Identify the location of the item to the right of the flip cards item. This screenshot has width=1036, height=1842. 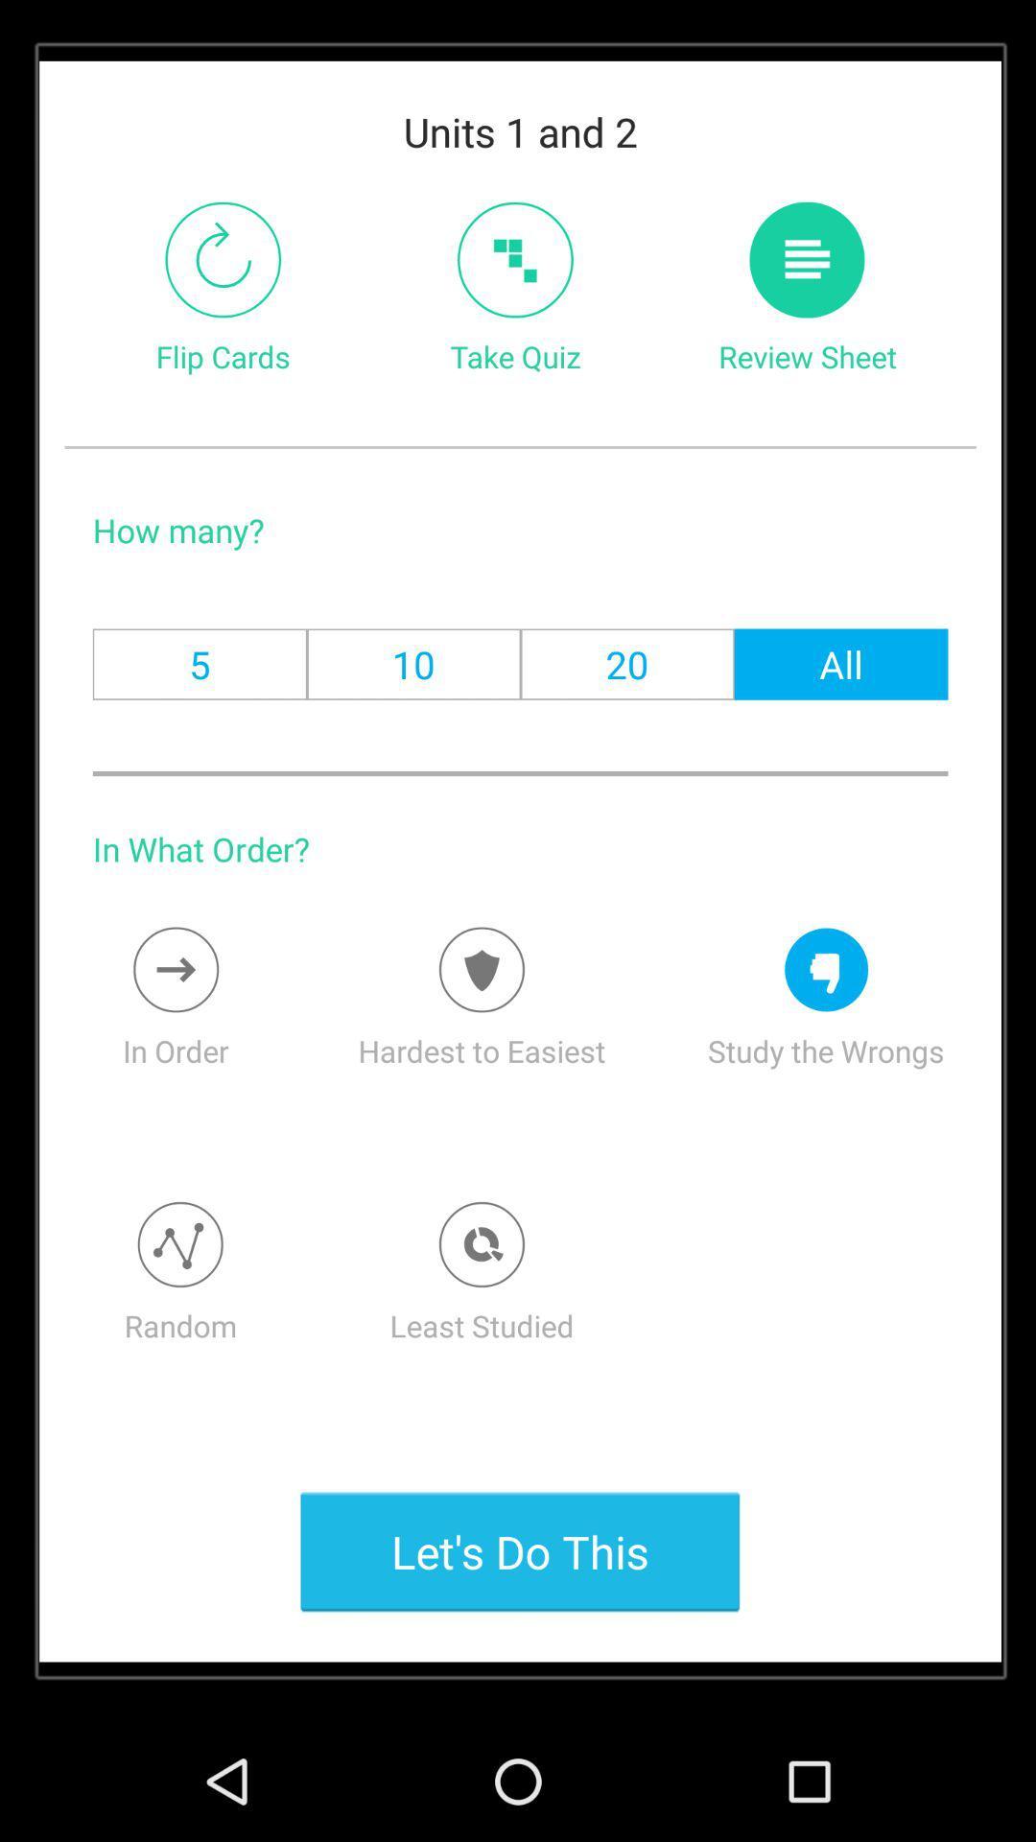
(514, 259).